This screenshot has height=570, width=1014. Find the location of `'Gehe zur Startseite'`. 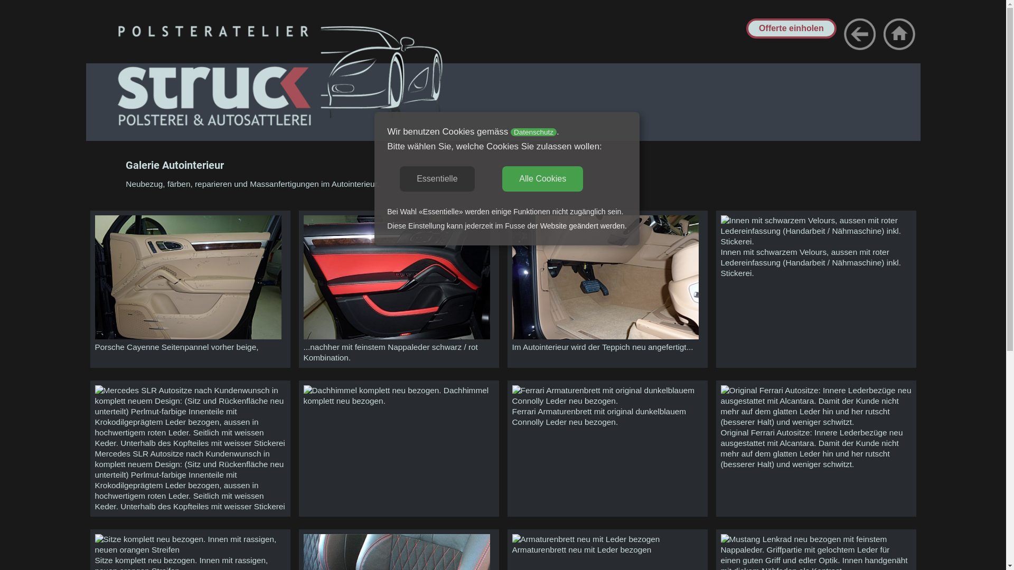

'Gehe zur Startseite' is located at coordinates (898, 34).